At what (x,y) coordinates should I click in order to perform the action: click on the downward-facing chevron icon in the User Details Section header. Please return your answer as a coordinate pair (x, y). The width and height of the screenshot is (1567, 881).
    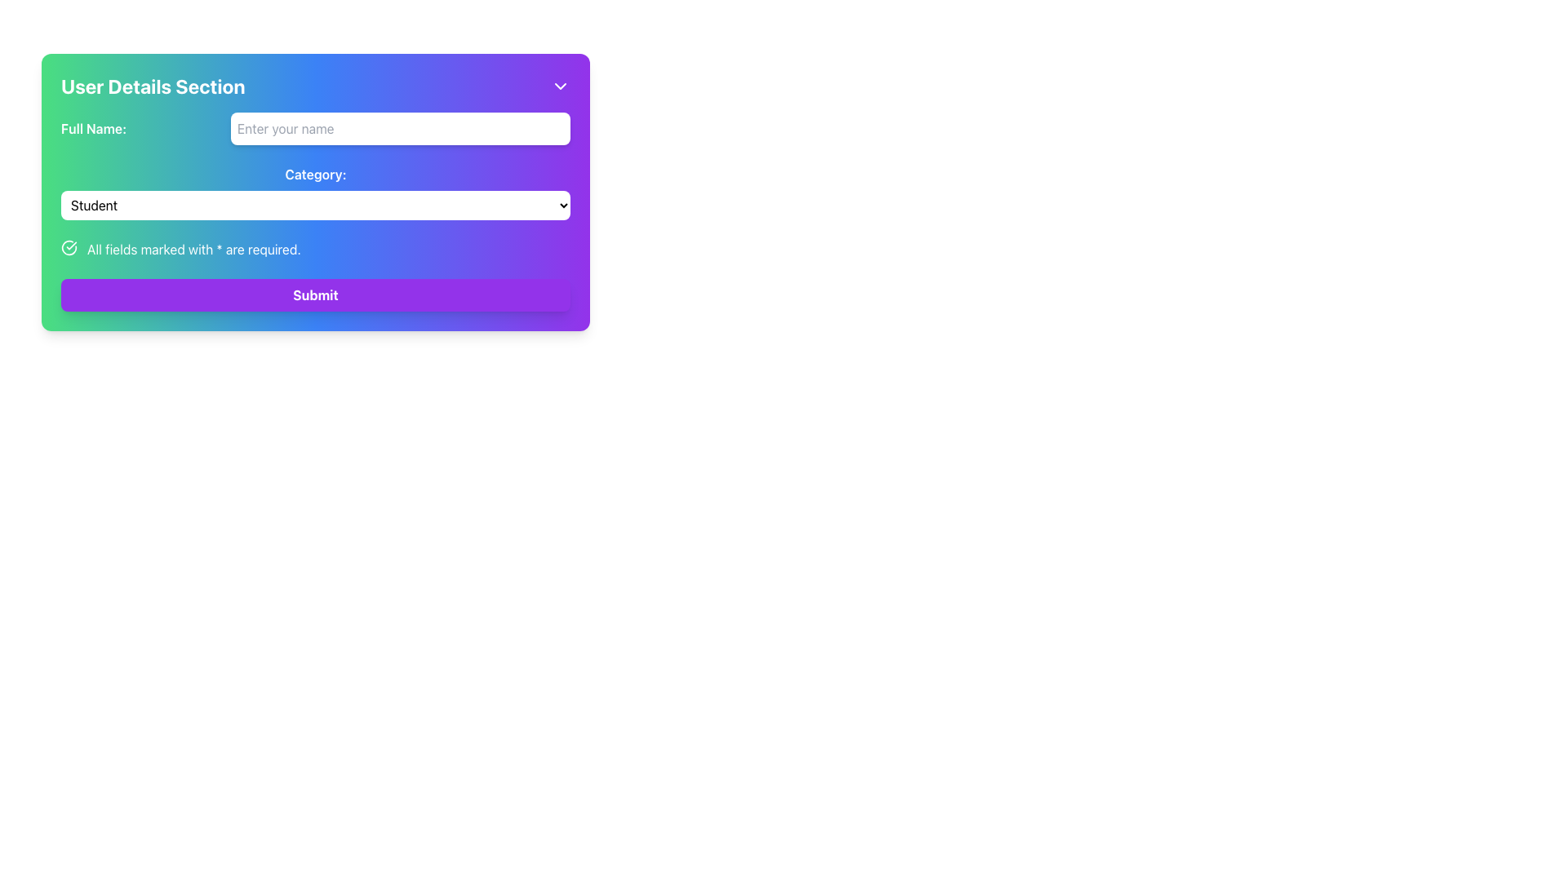
    Looking at the image, I should click on (560, 86).